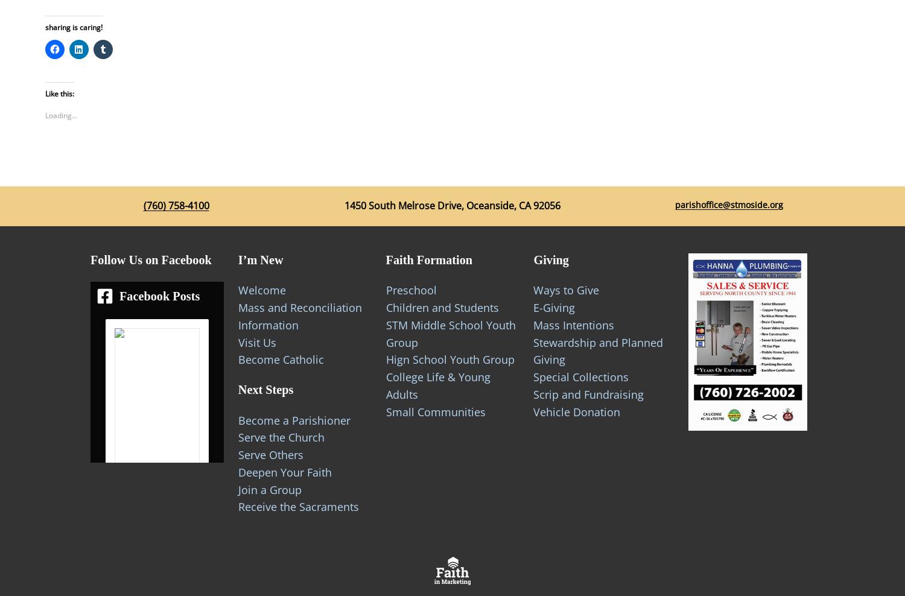 This screenshot has height=596, width=905. What do you see at coordinates (293, 420) in the screenshot?
I see `'Become a Parishioner'` at bounding box center [293, 420].